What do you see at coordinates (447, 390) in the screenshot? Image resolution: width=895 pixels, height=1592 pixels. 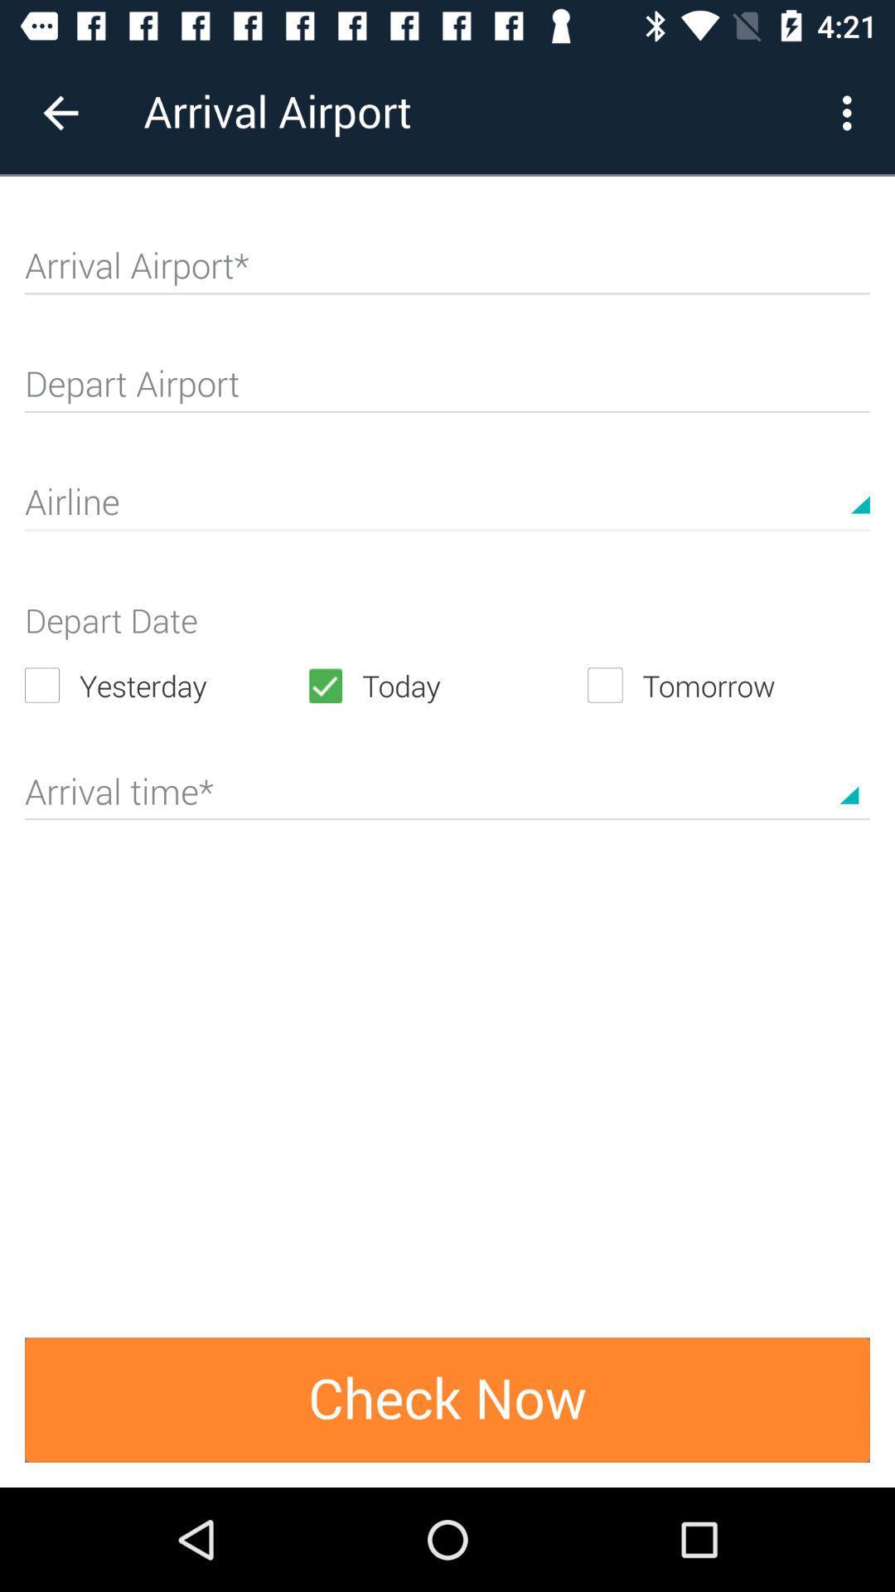 I see `departure airport` at bounding box center [447, 390].